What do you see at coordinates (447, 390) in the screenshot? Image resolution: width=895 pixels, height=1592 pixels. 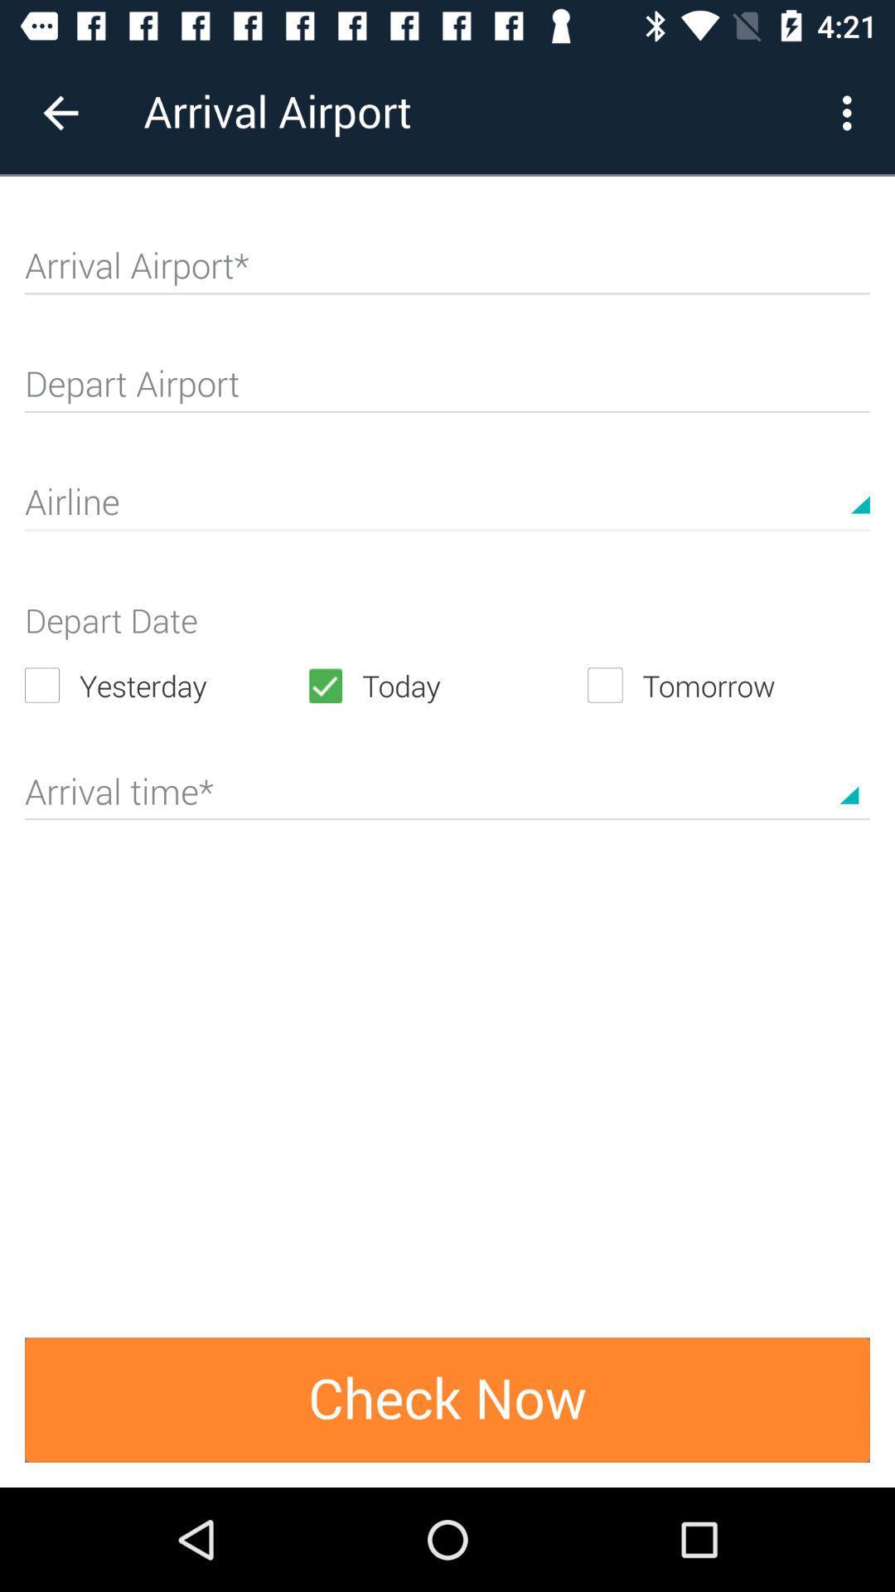 I see `departure airport` at bounding box center [447, 390].